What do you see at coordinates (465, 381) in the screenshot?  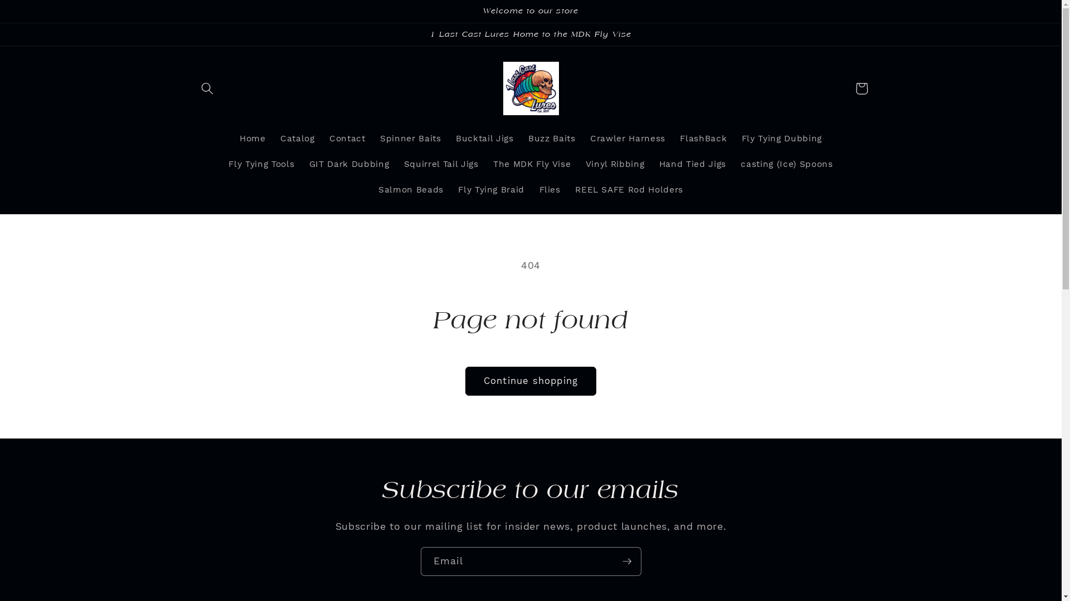 I see `'Continue shopping'` at bounding box center [465, 381].